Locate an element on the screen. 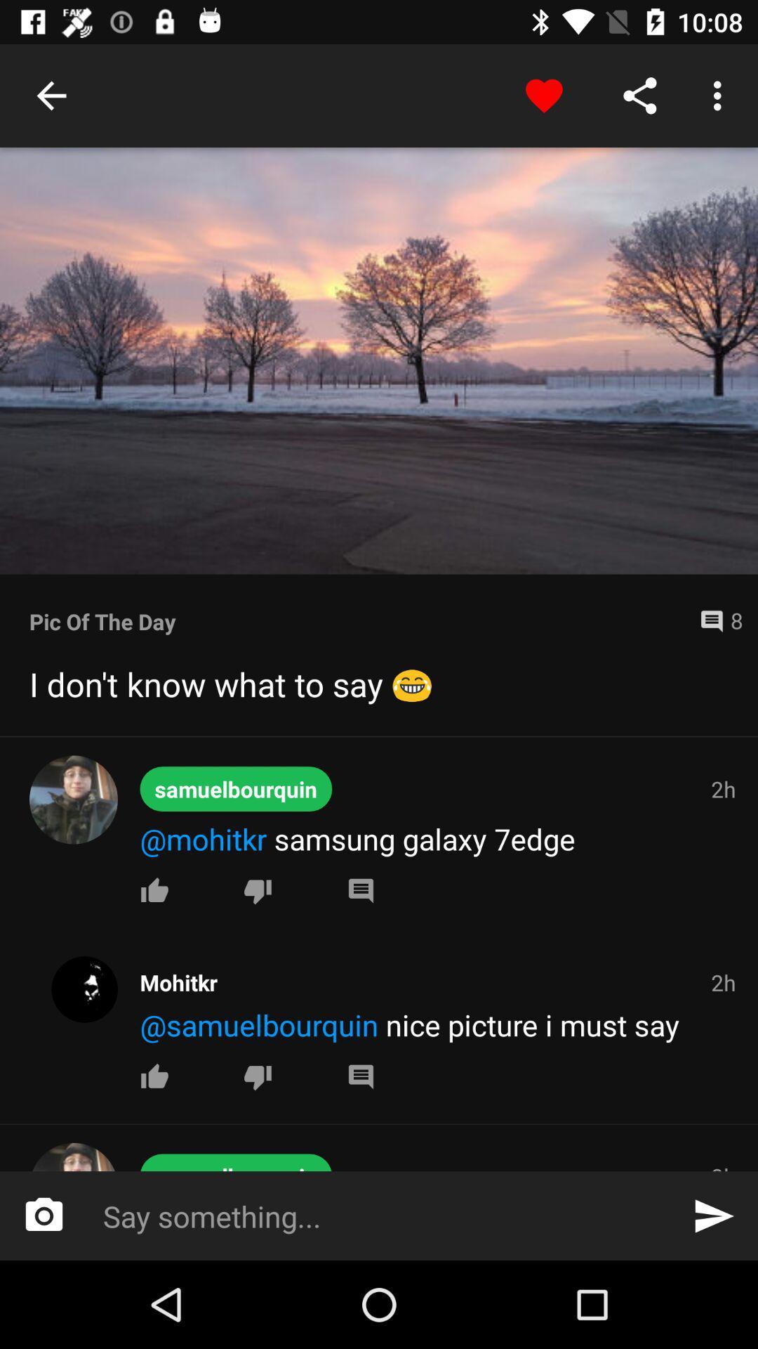 This screenshot has width=758, height=1349. 8 icon is located at coordinates (715, 620).